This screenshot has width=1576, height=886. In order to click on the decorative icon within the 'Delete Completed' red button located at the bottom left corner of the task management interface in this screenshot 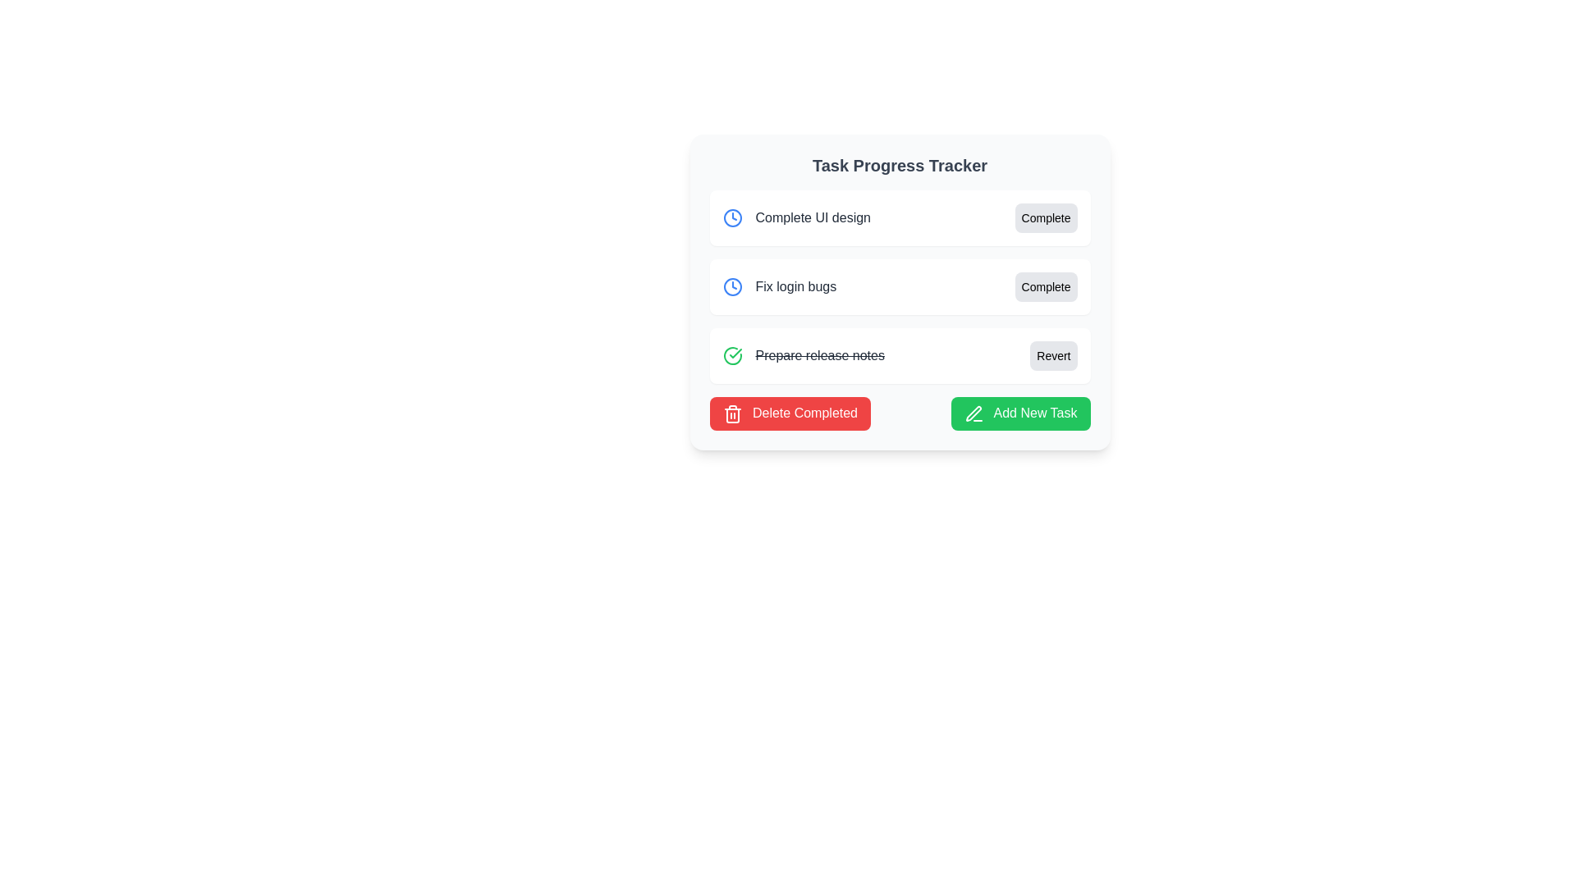, I will do `click(731, 414)`.